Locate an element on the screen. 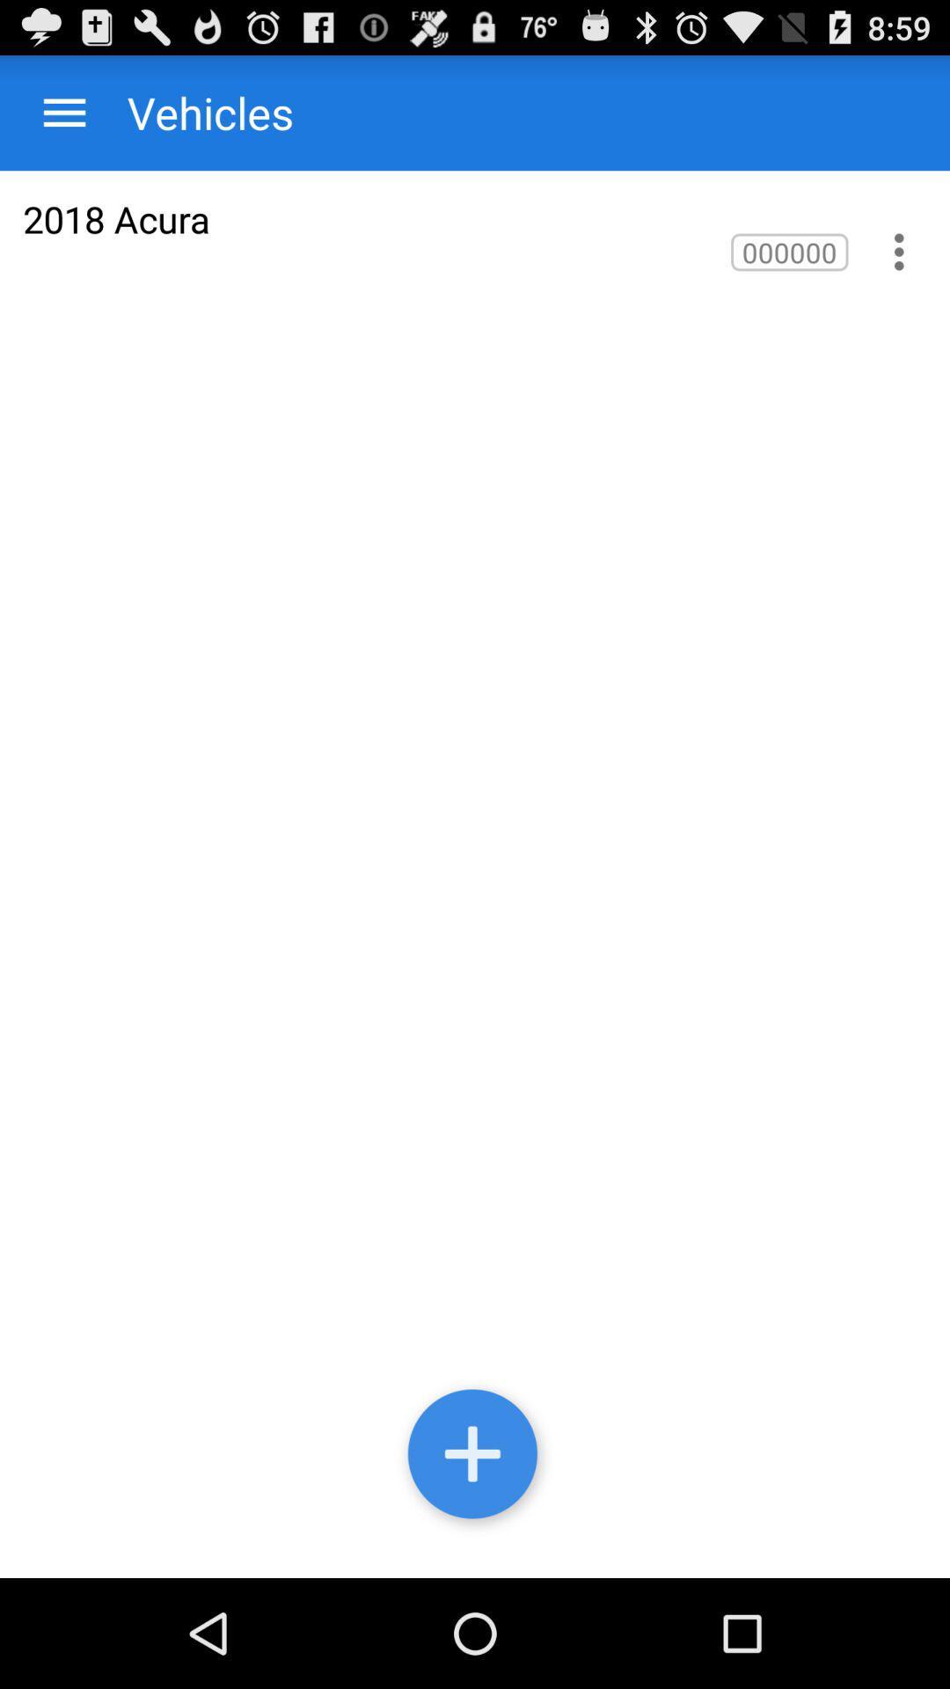 The height and width of the screenshot is (1689, 950). app next to the vehicles item is located at coordinates (63, 112).